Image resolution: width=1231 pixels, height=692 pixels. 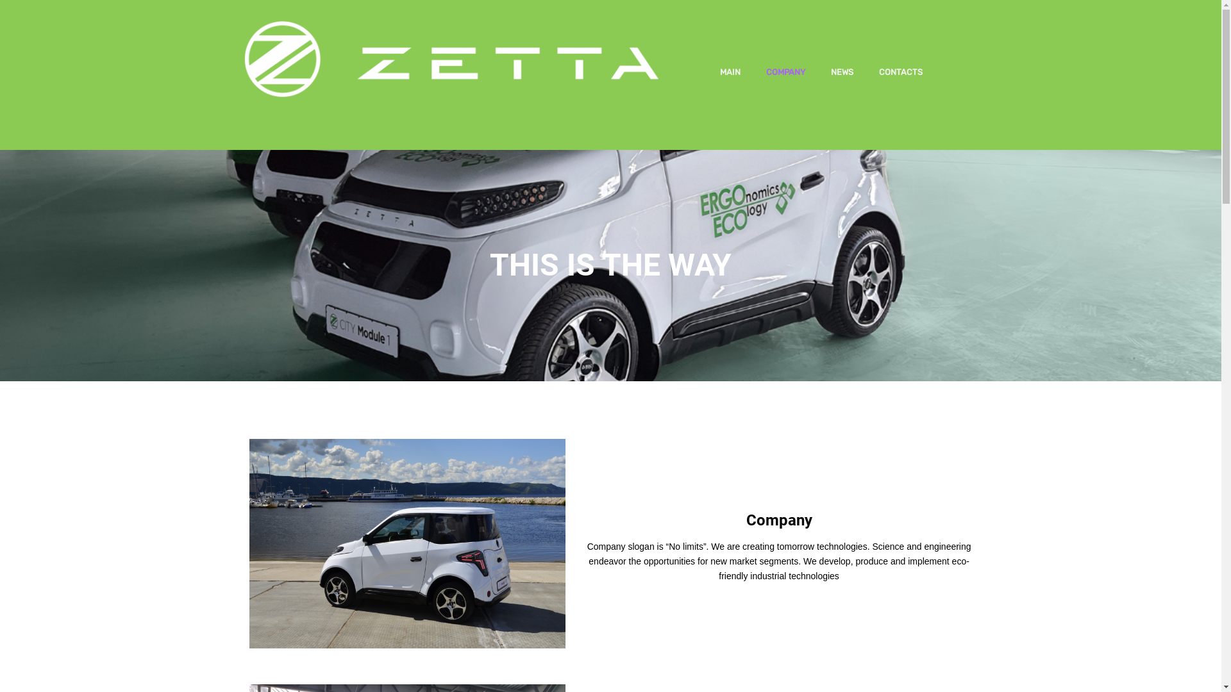 What do you see at coordinates (872, 72) in the screenshot?
I see `'CONTACTS'` at bounding box center [872, 72].